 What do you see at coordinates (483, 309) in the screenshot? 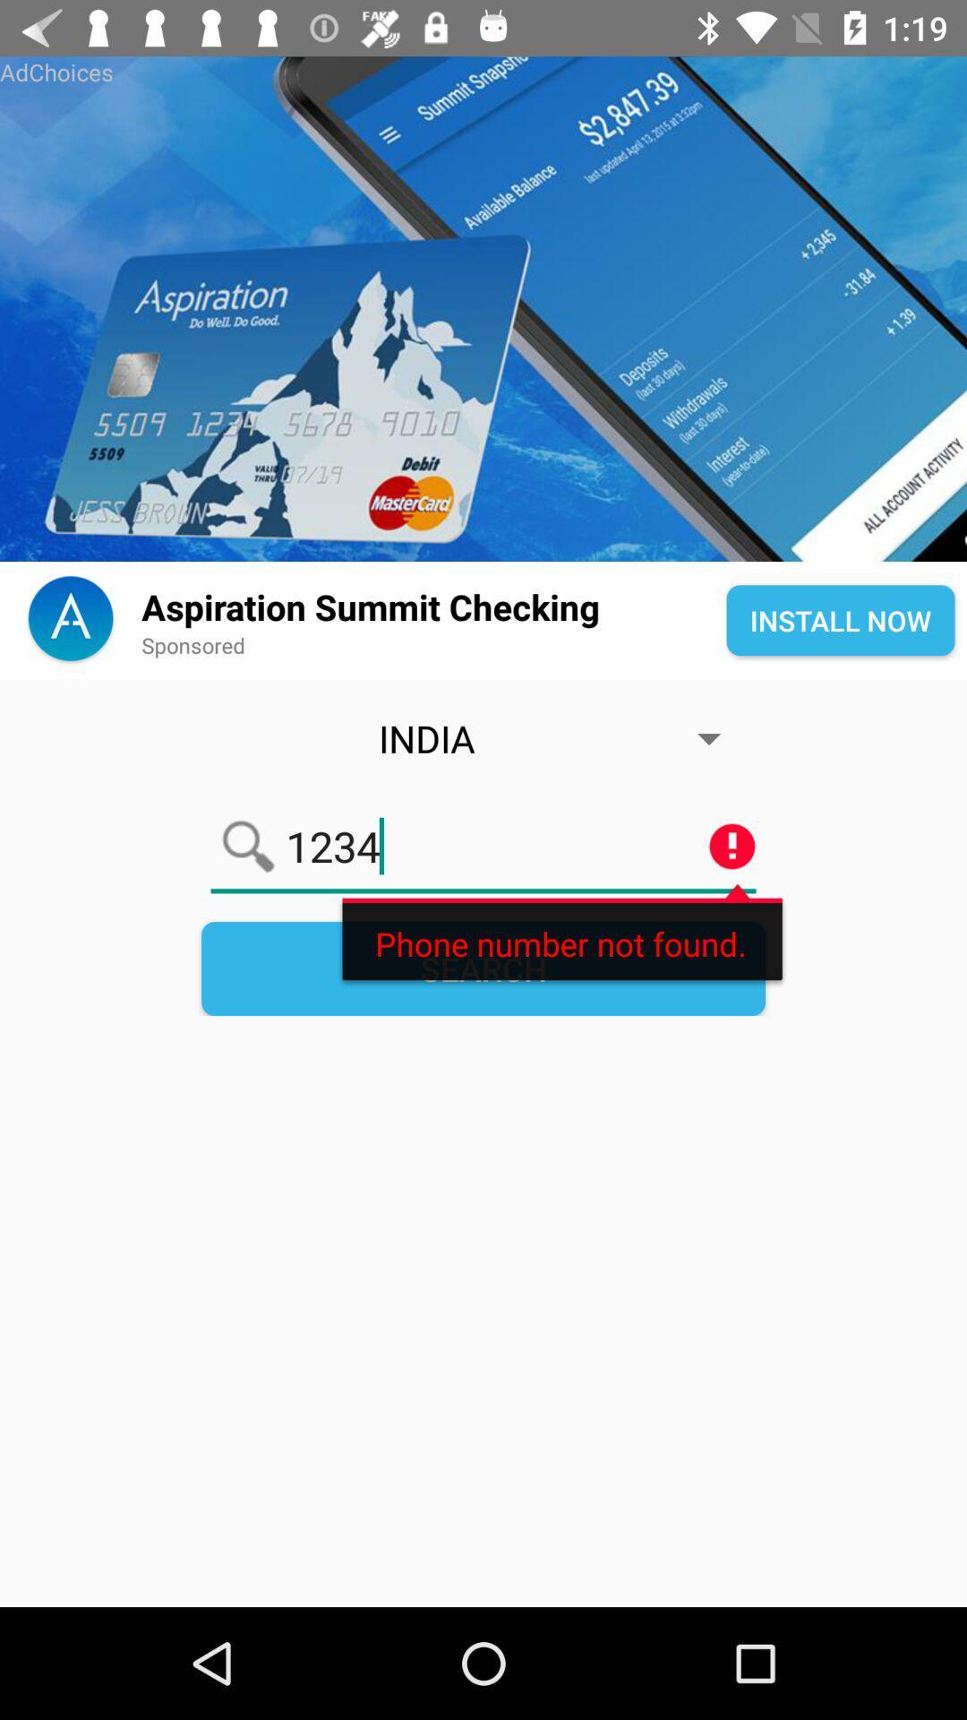
I see `mastercard screen` at bounding box center [483, 309].